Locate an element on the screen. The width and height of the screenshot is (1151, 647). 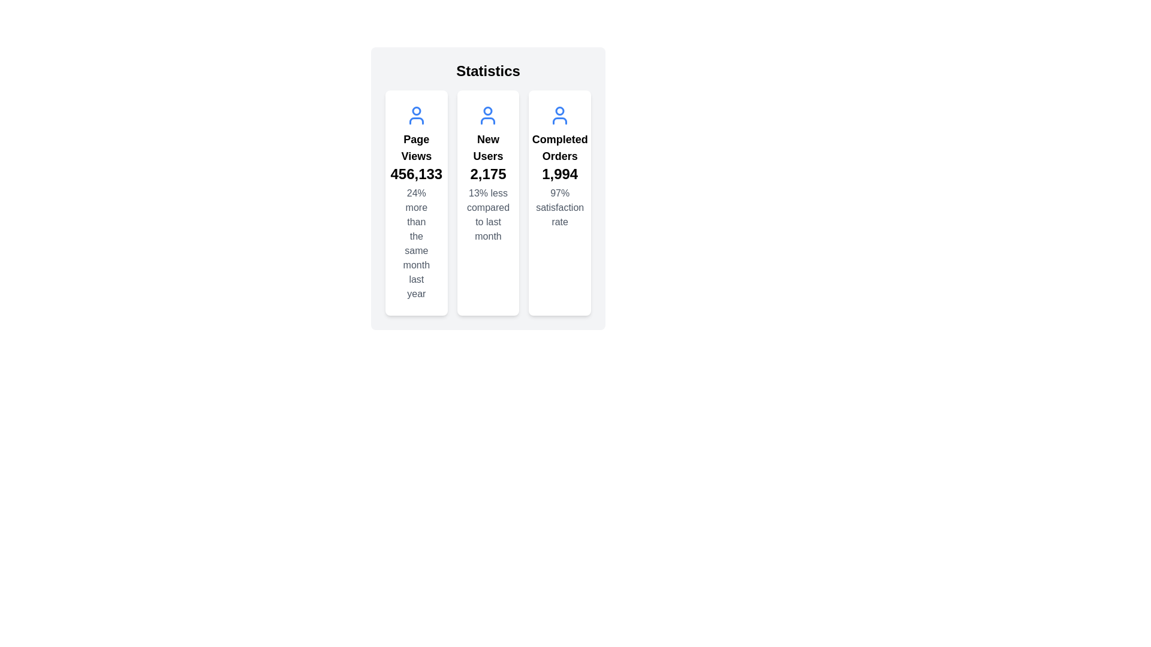
the 'Page Views' Informational Card located in the leftmost column of the grid if it is interactive is located at coordinates (416, 202).